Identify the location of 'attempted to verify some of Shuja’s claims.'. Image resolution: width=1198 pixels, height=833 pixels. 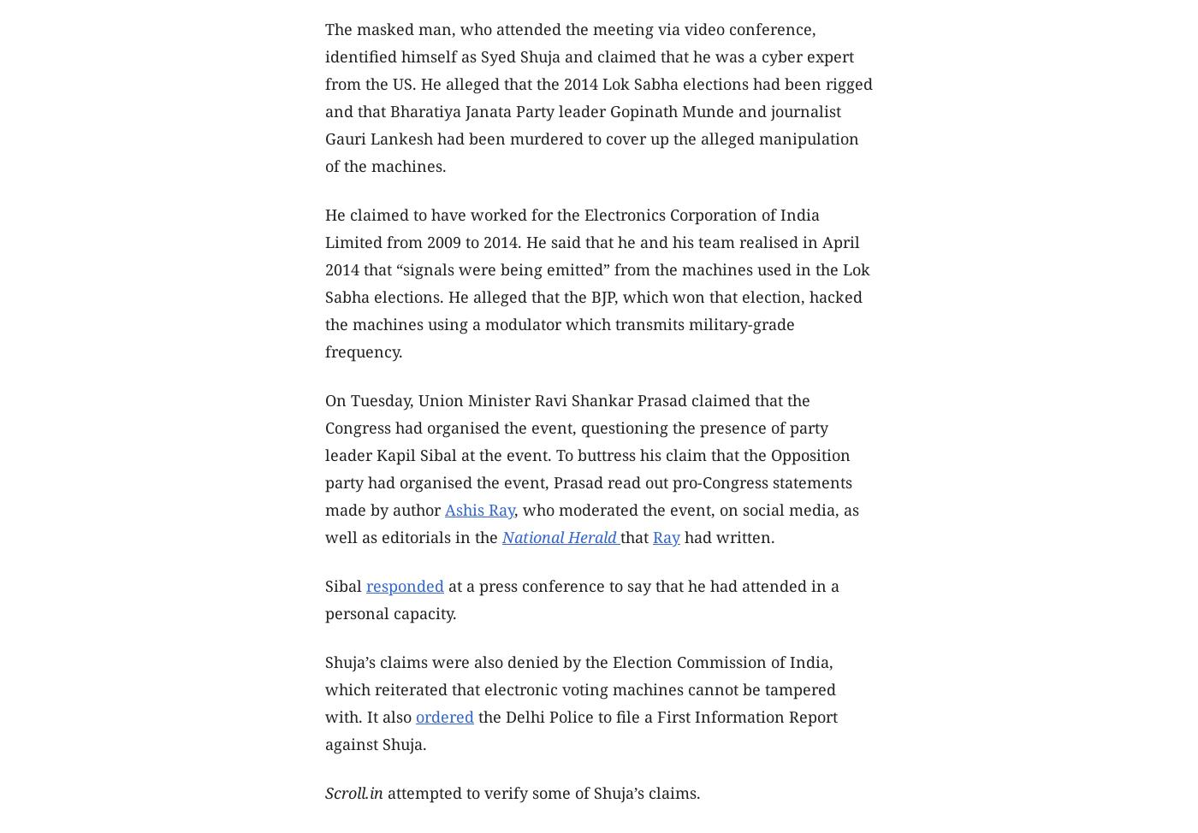
(542, 791).